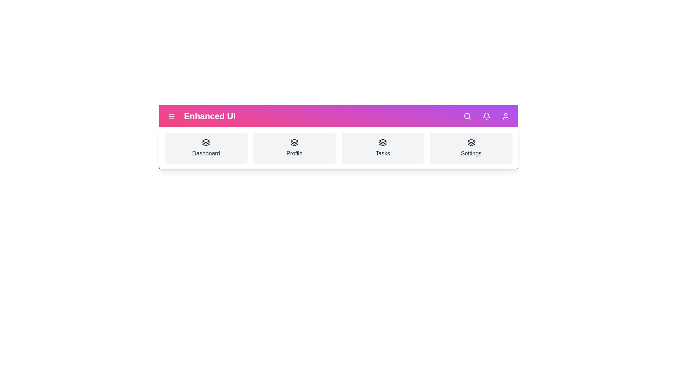 The height and width of the screenshot is (384, 682). I want to click on the interactive element settings_link, so click(471, 148).